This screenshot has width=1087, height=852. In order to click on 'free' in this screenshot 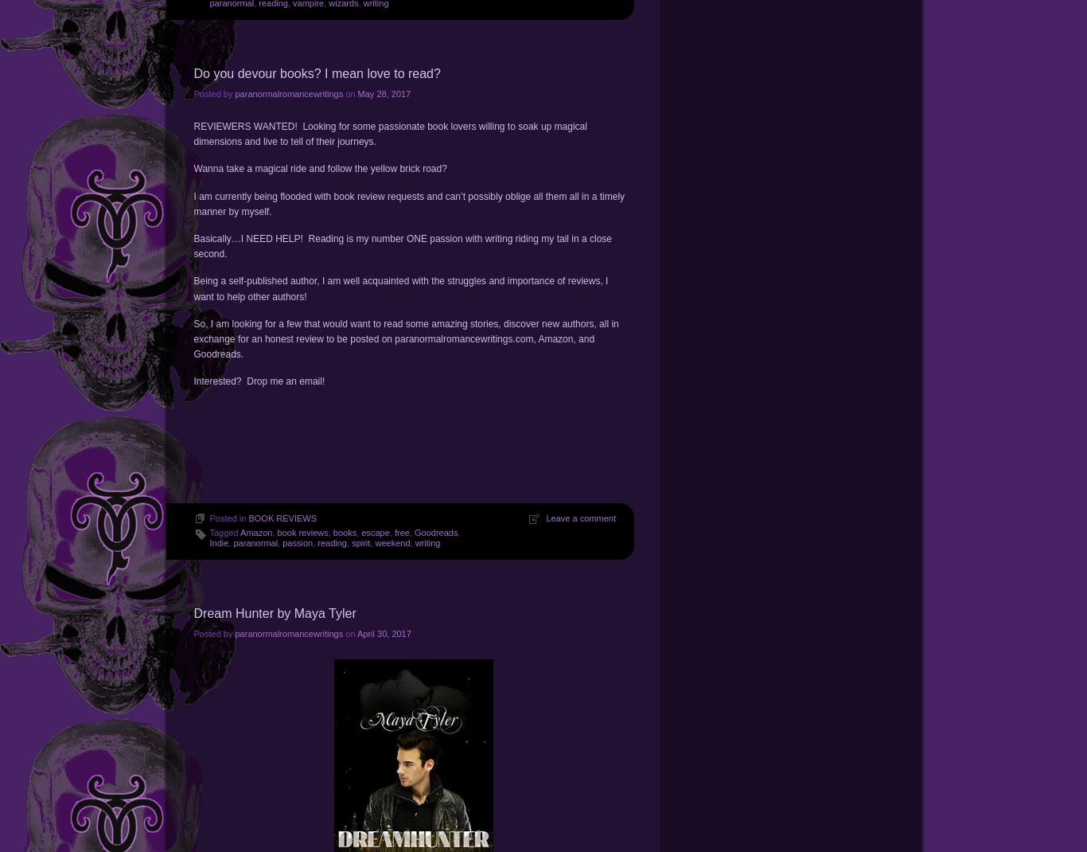, I will do `click(401, 532)`.